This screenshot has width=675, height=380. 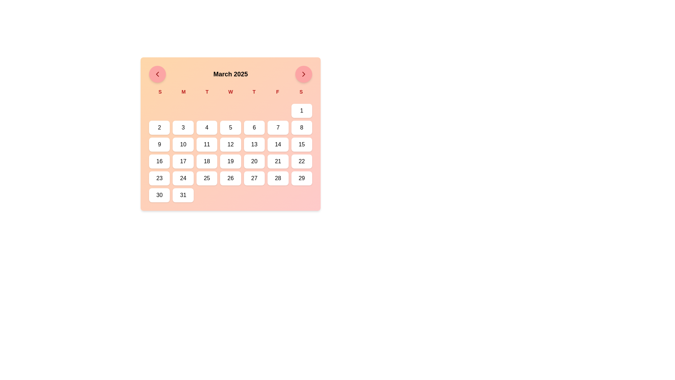 What do you see at coordinates (254, 144) in the screenshot?
I see `the button representing the 13th day of the month in the calendar interface, located in the fourth row and fifth column` at bounding box center [254, 144].